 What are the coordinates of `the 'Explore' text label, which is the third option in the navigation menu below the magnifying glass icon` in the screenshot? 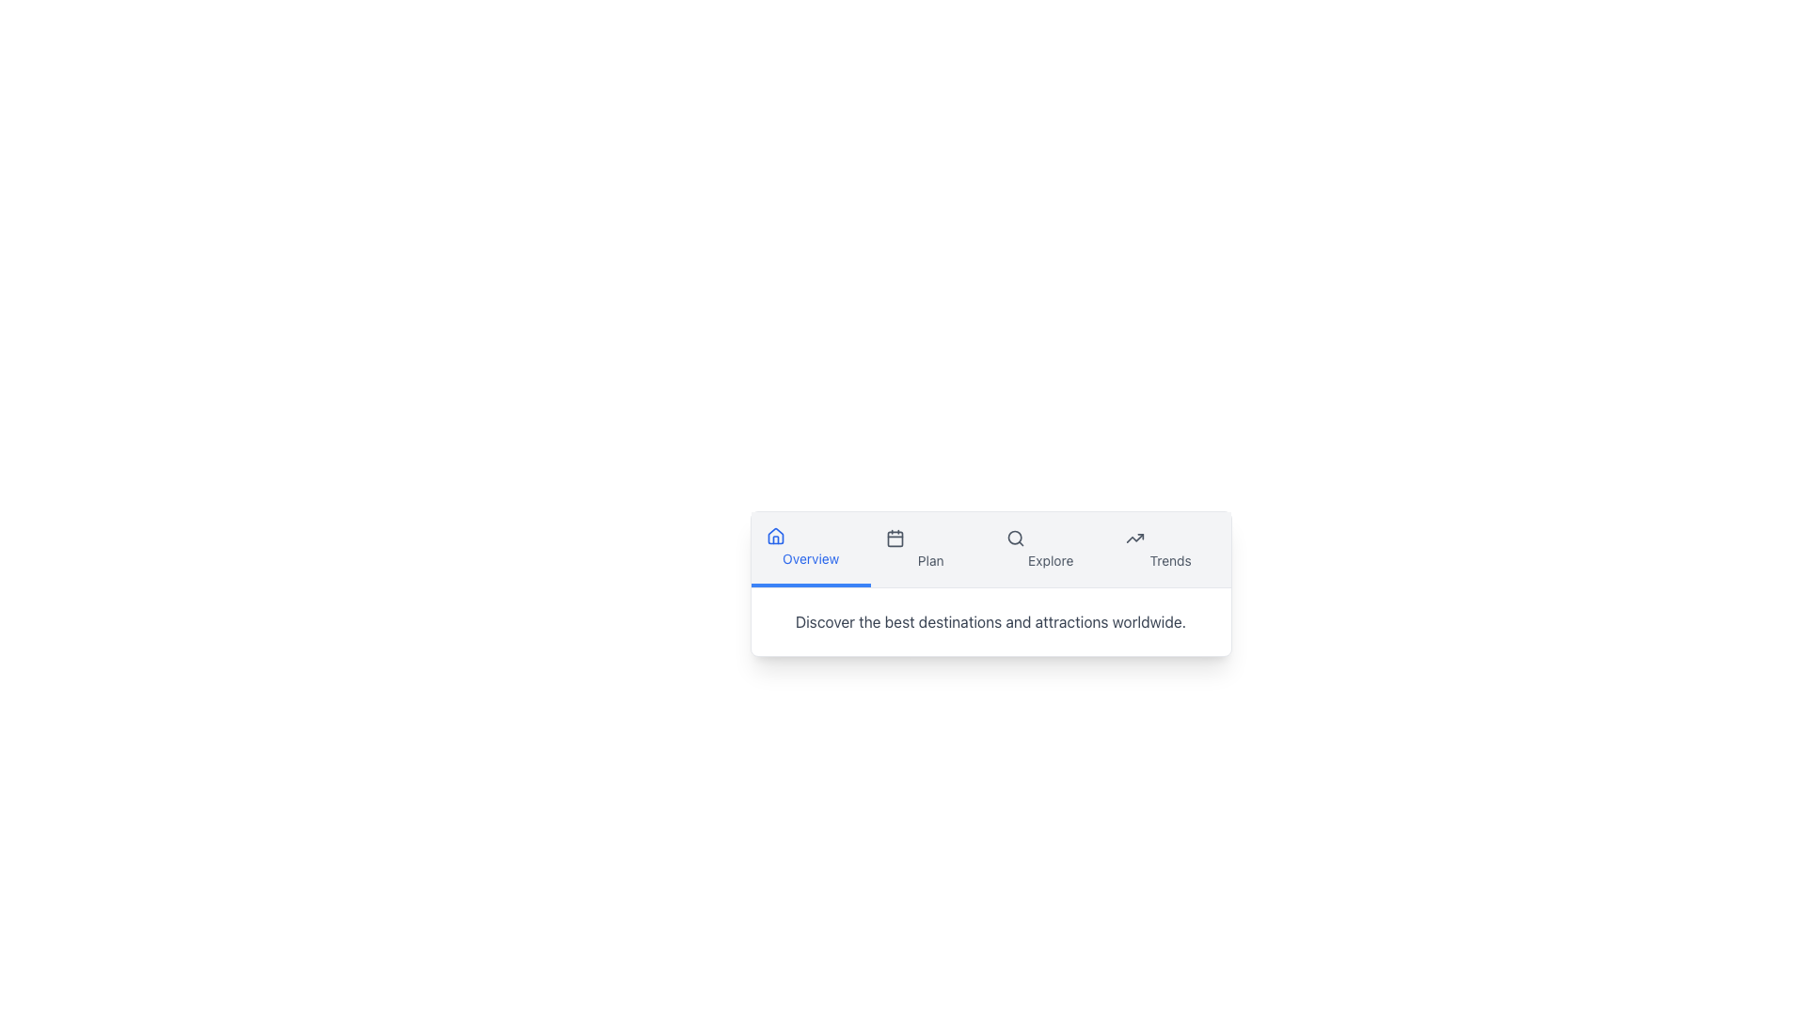 It's located at (1050, 560).